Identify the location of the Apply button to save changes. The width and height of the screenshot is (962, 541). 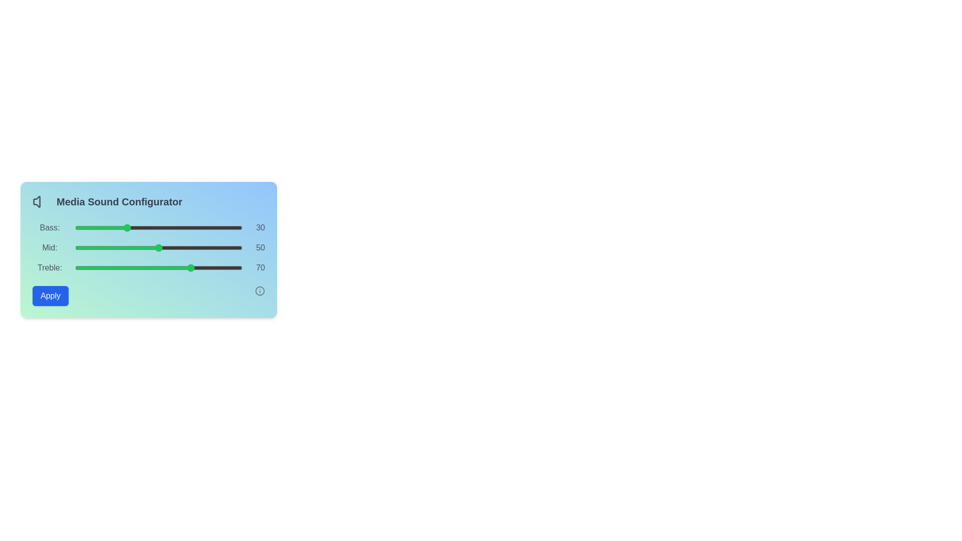
(50, 295).